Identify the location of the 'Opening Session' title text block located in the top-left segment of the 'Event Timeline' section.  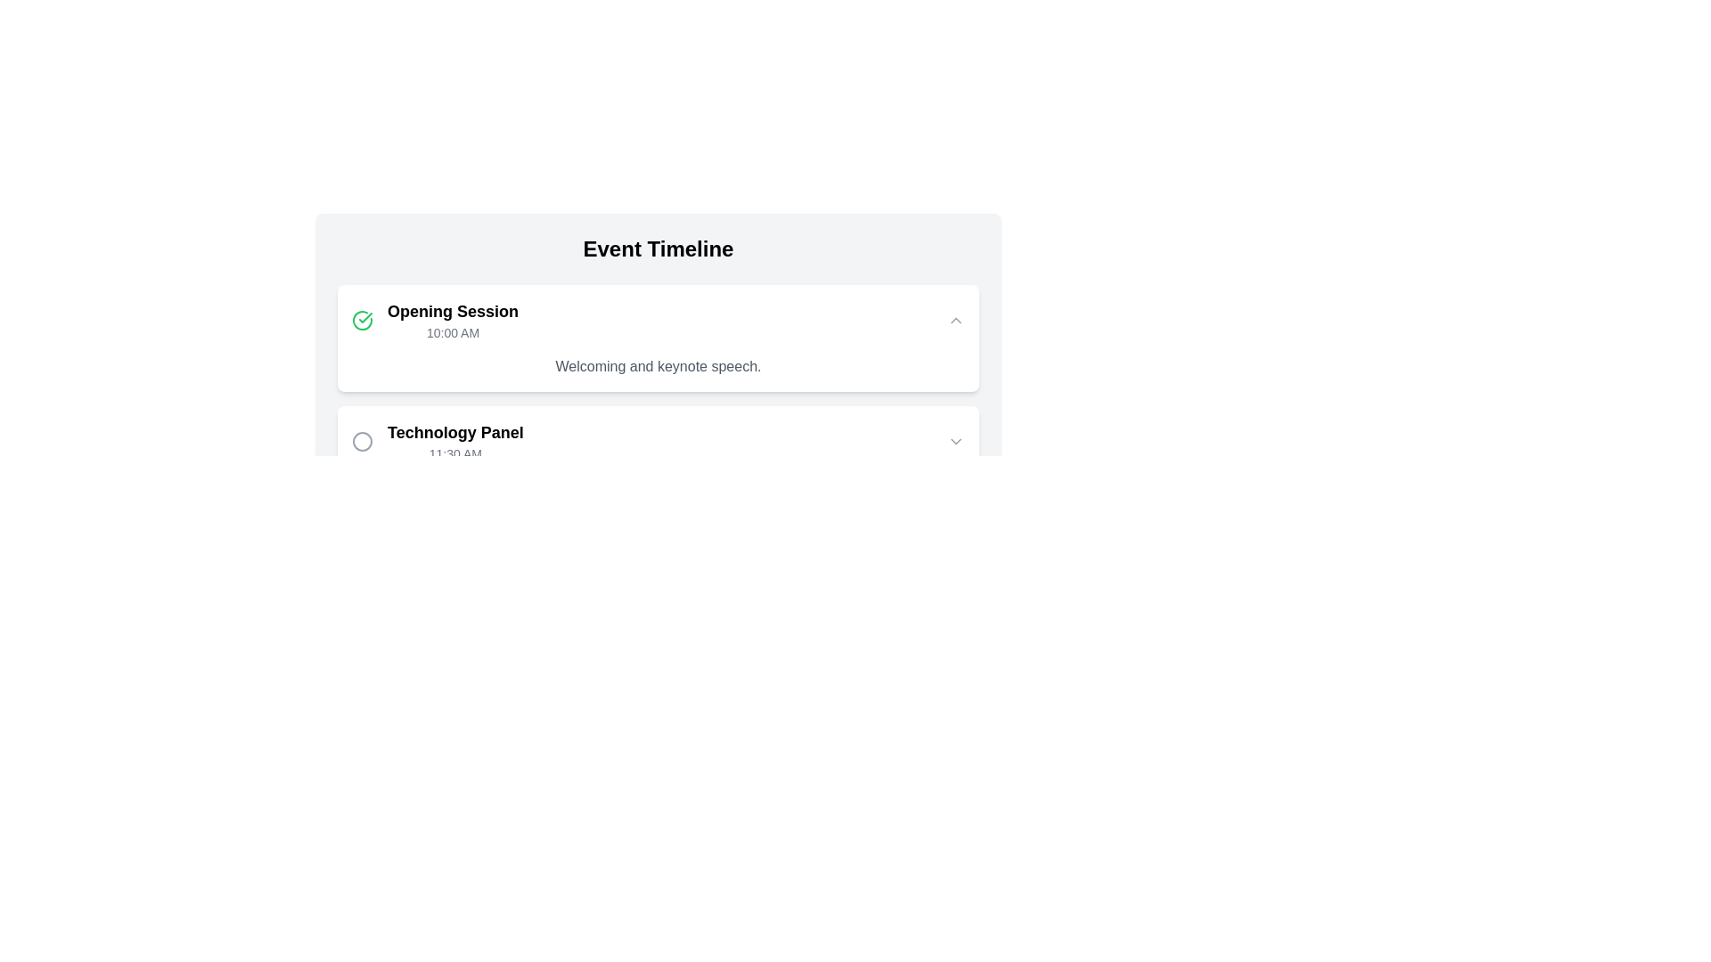
(453, 319).